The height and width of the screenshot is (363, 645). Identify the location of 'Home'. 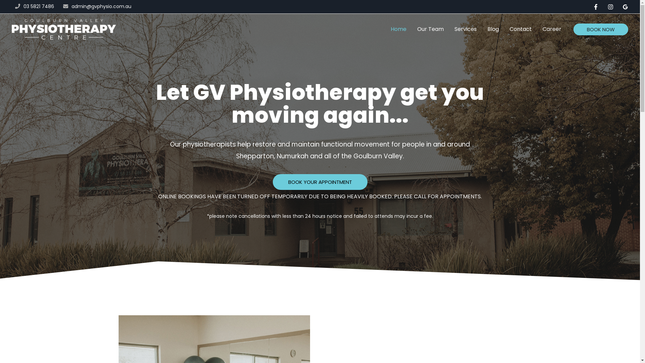
(385, 29).